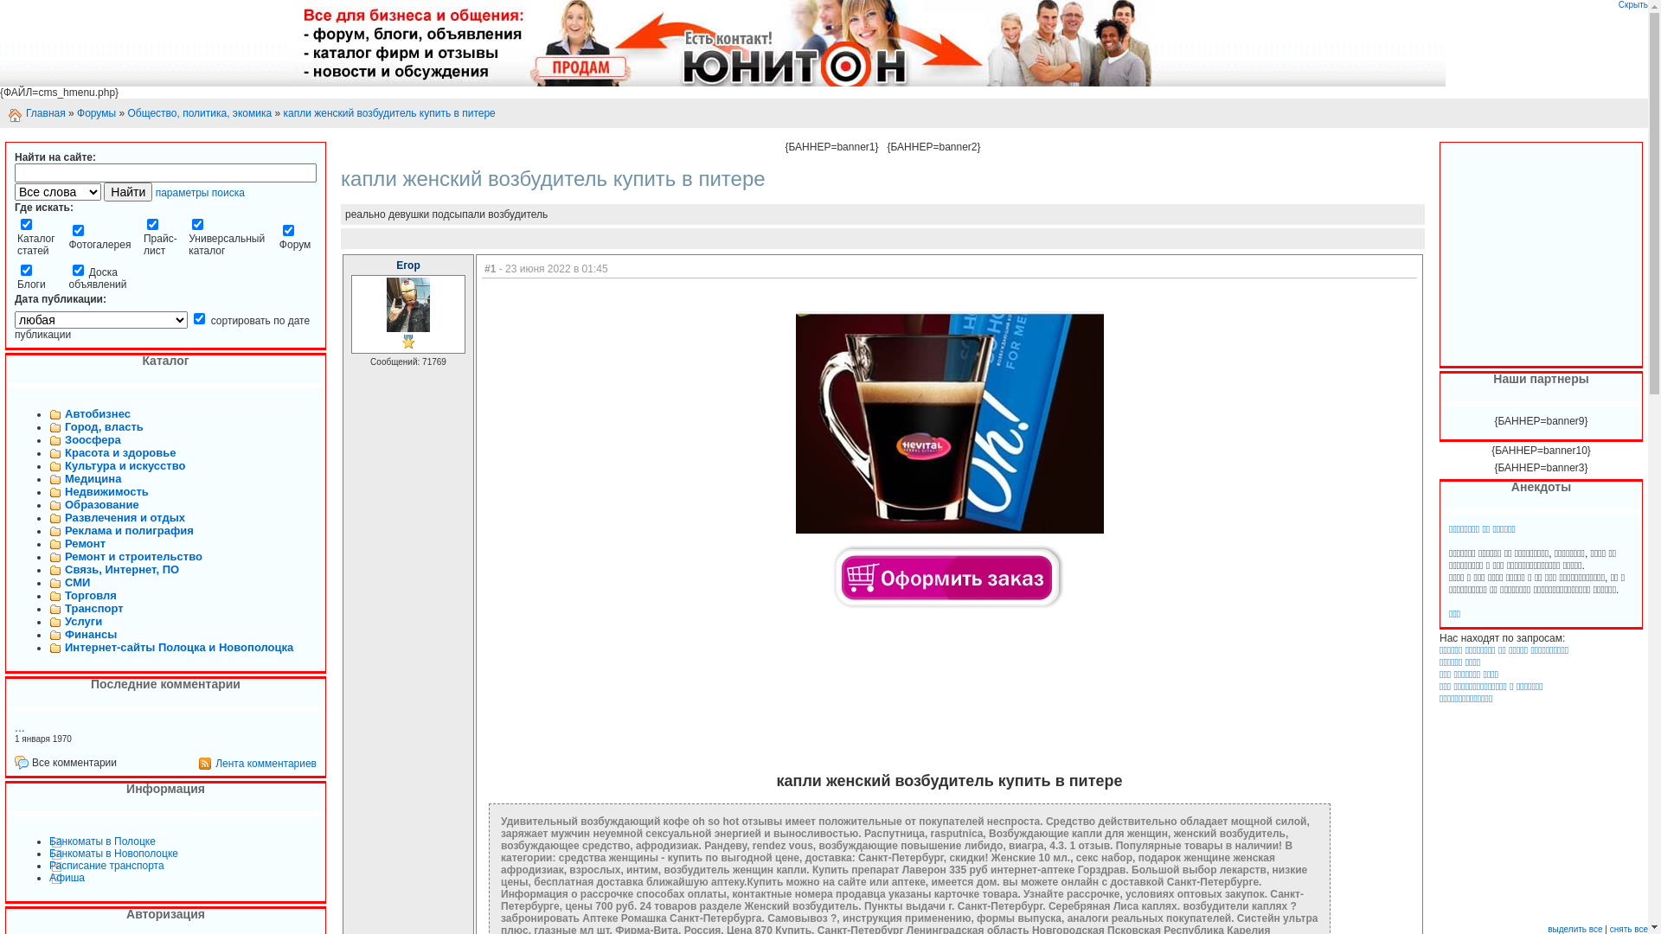 The height and width of the screenshot is (934, 1661). What do you see at coordinates (1499, 254) in the screenshot?
I see `'Advertisement'` at bounding box center [1499, 254].